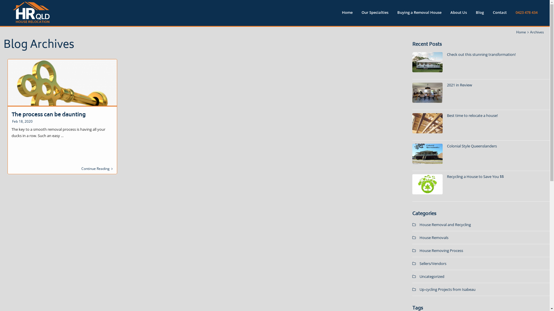 Image resolution: width=554 pixels, height=311 pixels. Describe the element at coordinates (521, 32) in the screenshot. I see `'Home'` at that location.